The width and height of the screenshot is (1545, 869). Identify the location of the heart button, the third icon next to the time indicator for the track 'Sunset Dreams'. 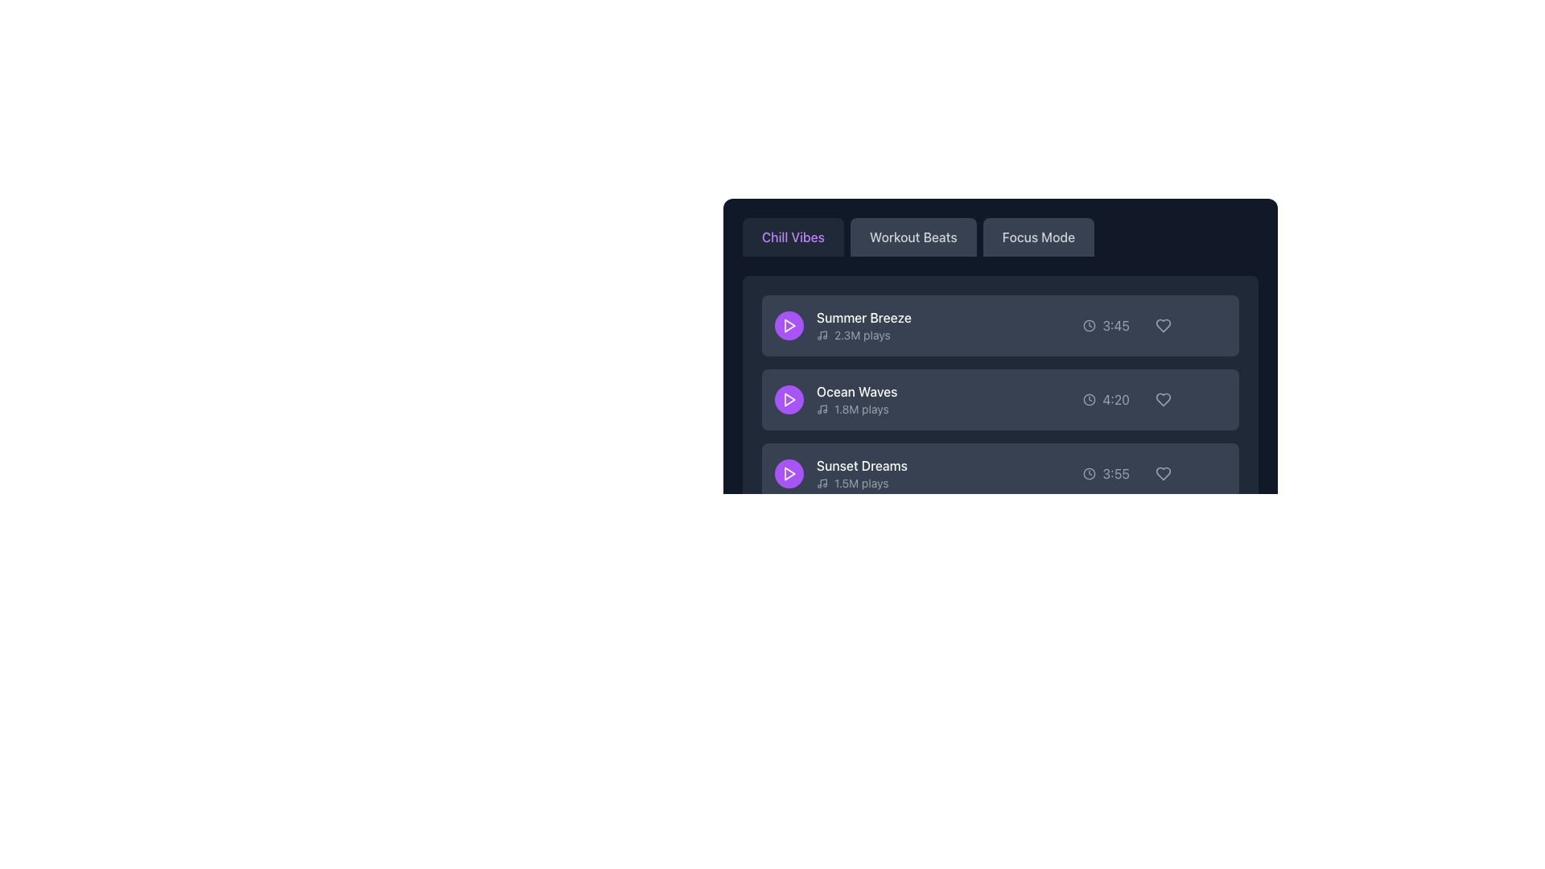
(1163, 473).